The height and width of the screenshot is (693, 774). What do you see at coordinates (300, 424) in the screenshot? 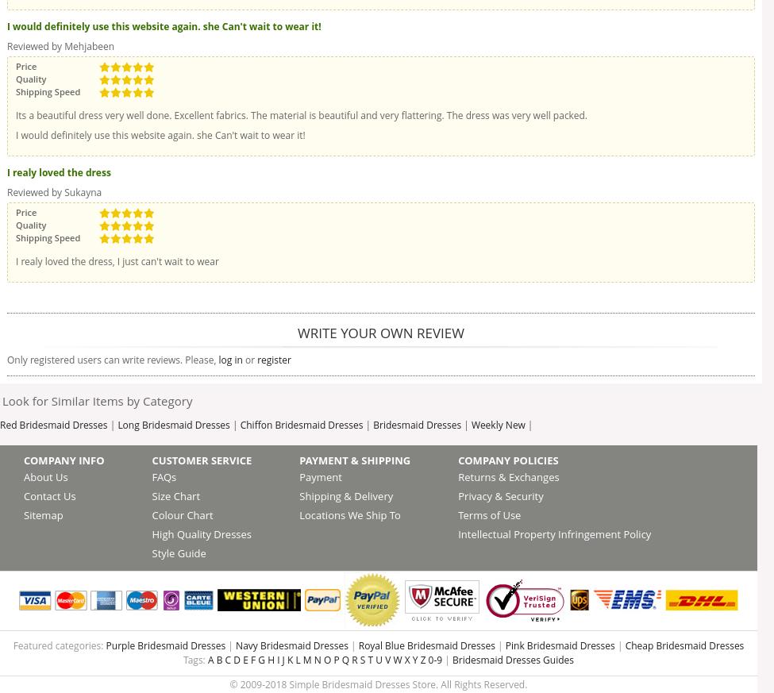
I see `'Chiffon Bridesmaid Dresses'` at bounding box center [300, 424].